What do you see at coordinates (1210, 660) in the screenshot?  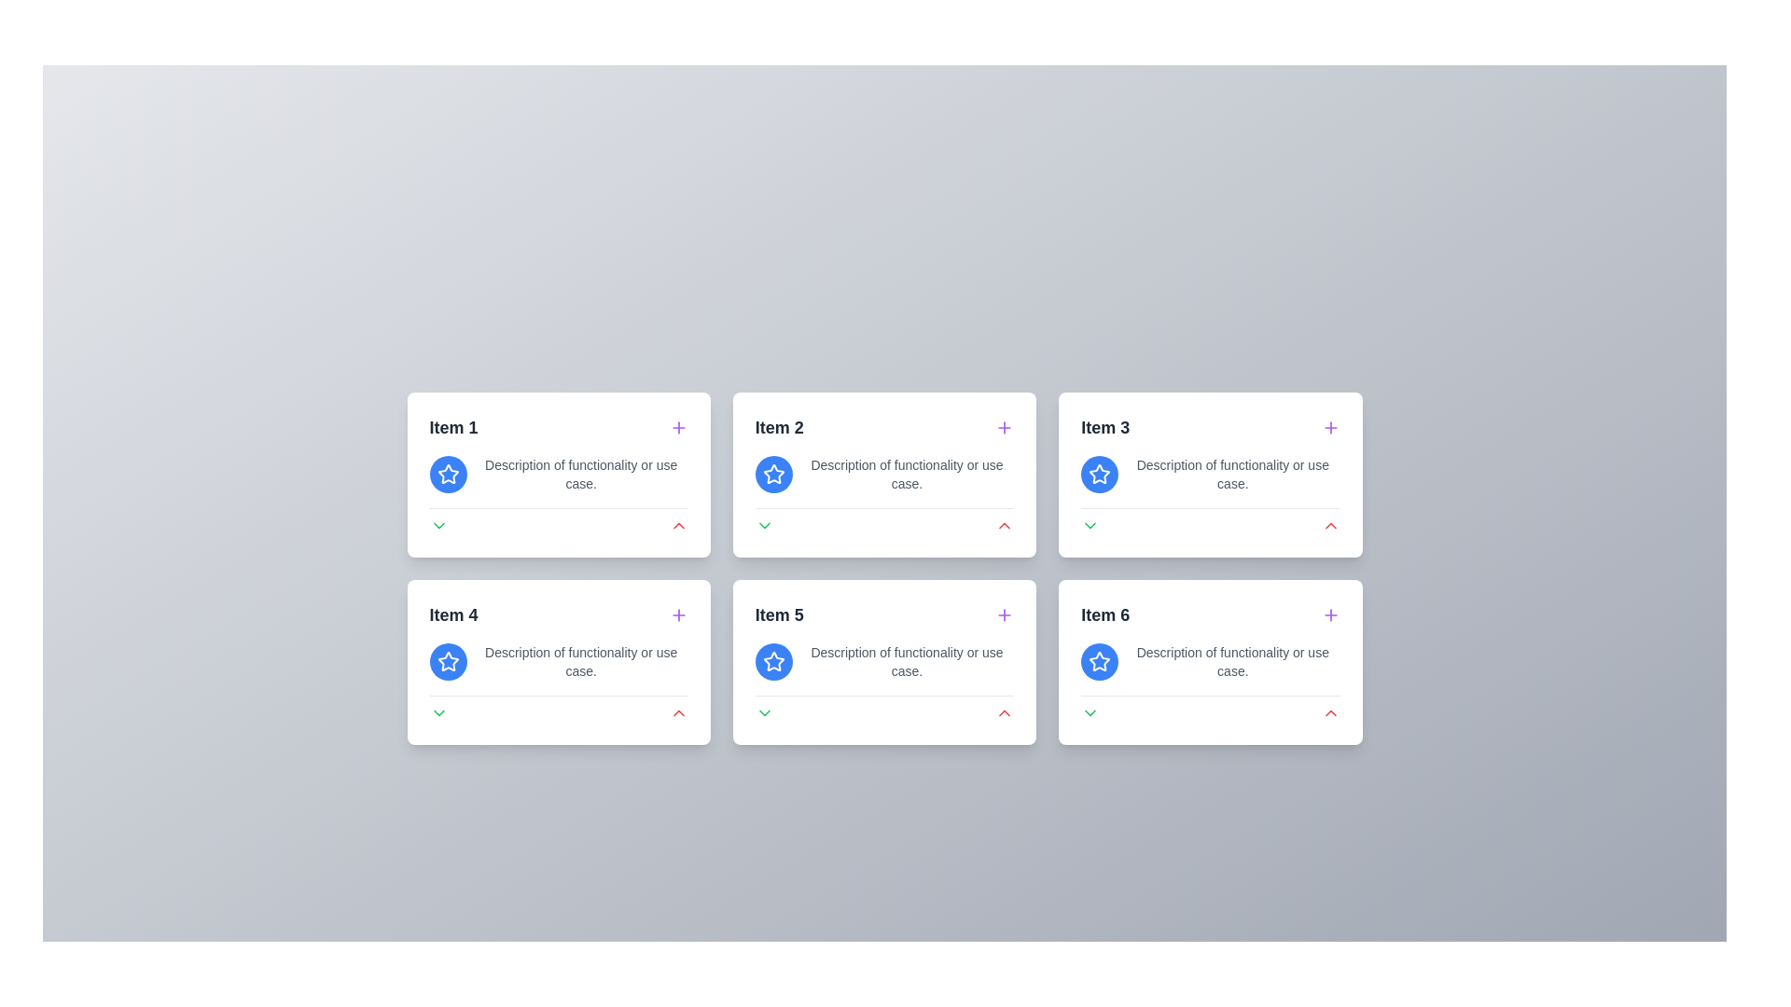 I see `the static text displaying 'Description of functionality or use case' with a blue circular icon featuring a white star, located in the 'Item 6' section of the bottom-right card` at bounding box center [1210, 660].